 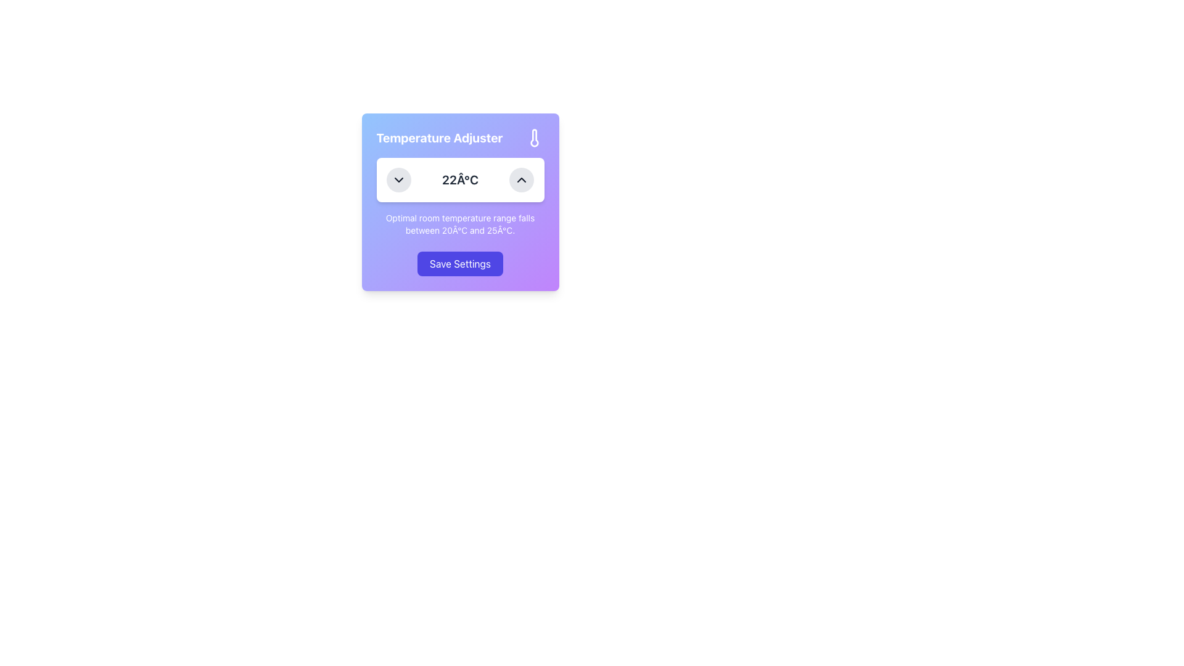 What do you see at coordinates (459, 263) in the screenshot?
I see `the save button located below the informational message about temperature ranges to confirm and submit user-modified settings related to temperature adjustments` at bounding box center [459, 263].